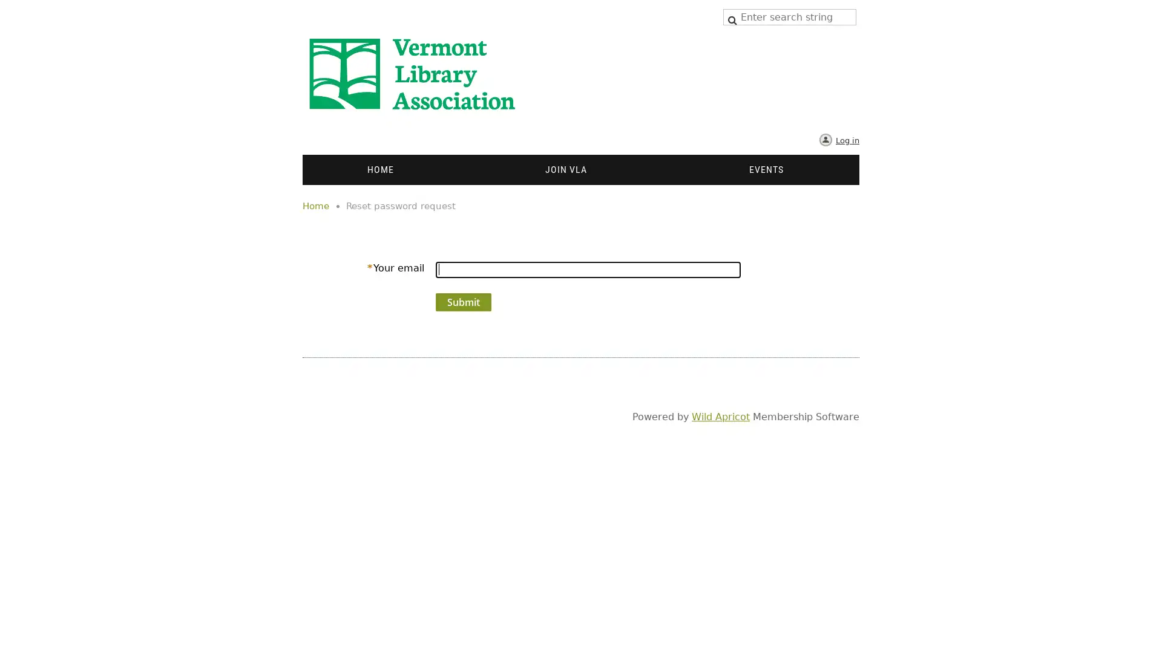  I want to click on Submit, so click(463, 302).